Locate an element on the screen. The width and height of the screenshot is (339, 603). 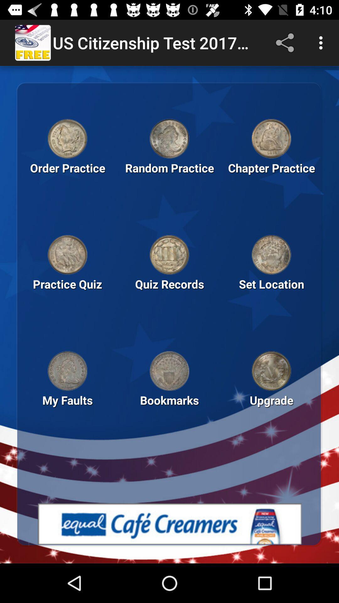
open chapter practice is located at coordinates (271, 138).